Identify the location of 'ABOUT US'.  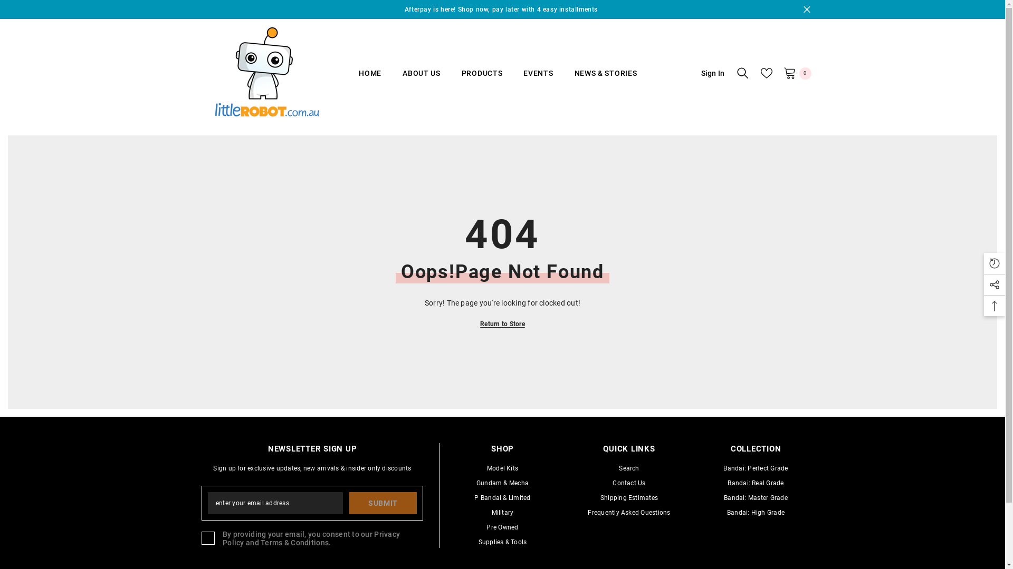
(391, 80).